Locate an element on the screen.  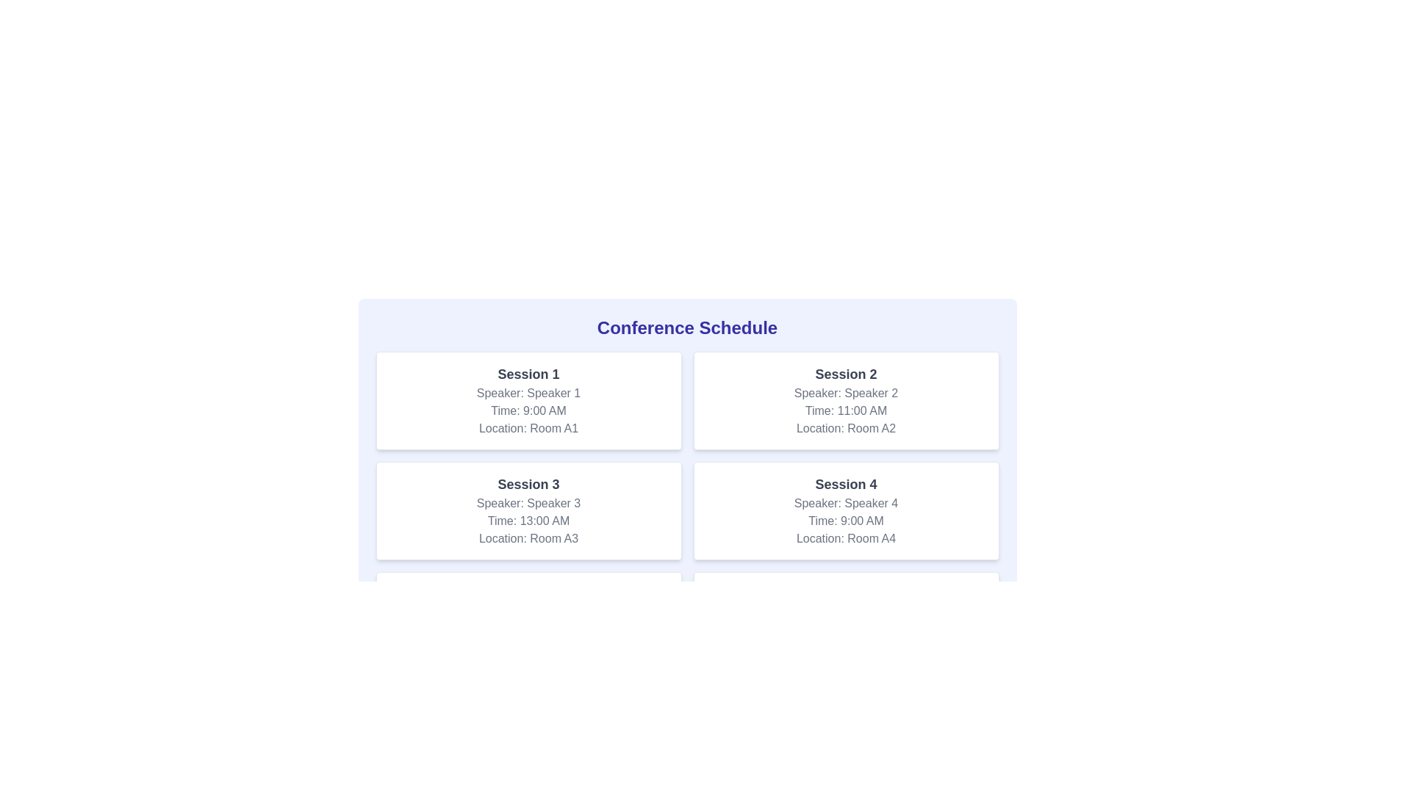
the Informational card displaying 'Session 3' with details about the session, located is located at coordinates (528, 510).